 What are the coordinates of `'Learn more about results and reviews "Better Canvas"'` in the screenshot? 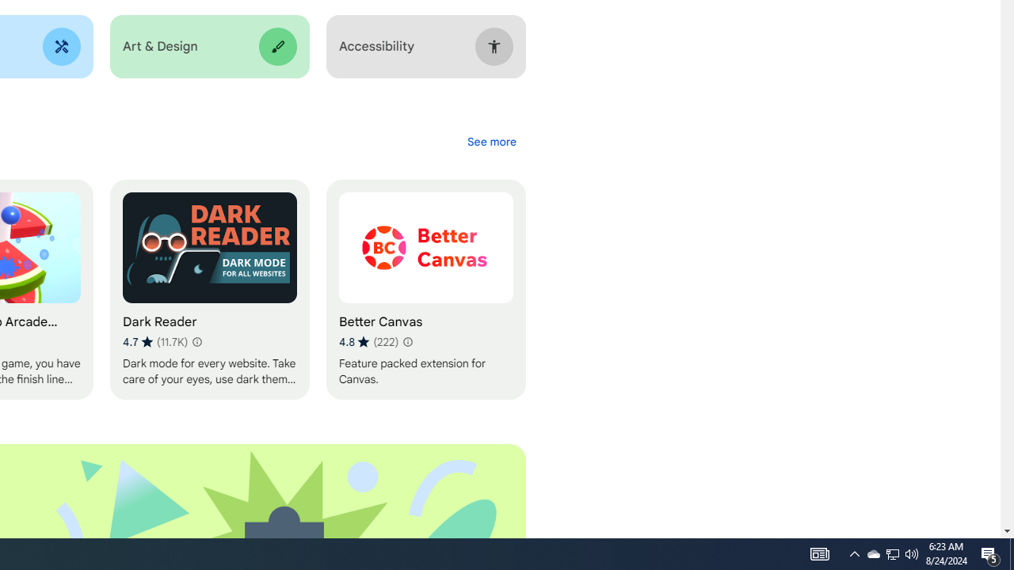 It's located at (406, 341).